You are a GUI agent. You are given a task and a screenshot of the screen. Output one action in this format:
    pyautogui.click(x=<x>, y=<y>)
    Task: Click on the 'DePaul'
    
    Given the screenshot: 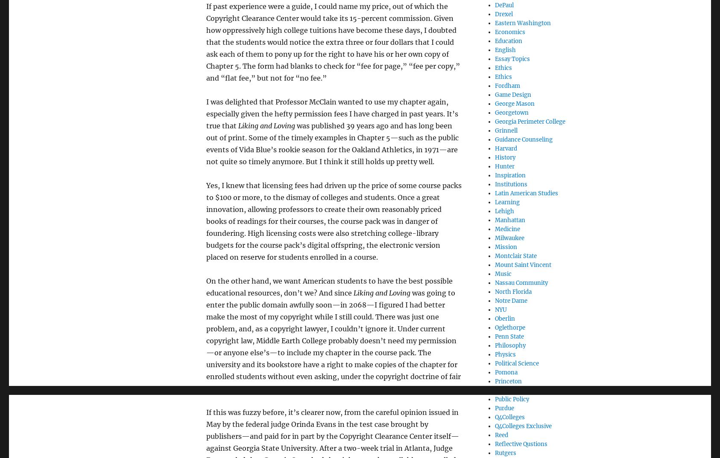 What is the action you would take?
    pyautogui.click(x=504, y=4)
    